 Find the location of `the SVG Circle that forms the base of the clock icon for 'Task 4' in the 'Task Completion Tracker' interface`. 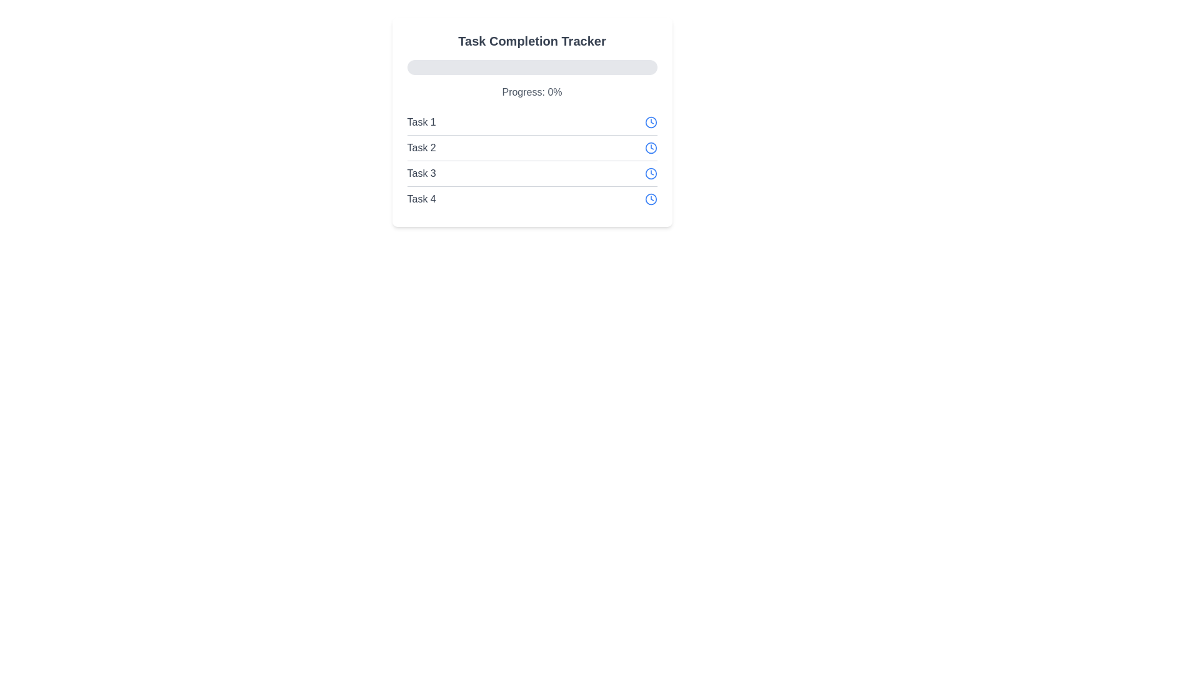

the SVG Circle that forms the base of the clock icon for 'Task 4' in the 'Task Completion Tracker' interface is located at coordinates (650, 199).